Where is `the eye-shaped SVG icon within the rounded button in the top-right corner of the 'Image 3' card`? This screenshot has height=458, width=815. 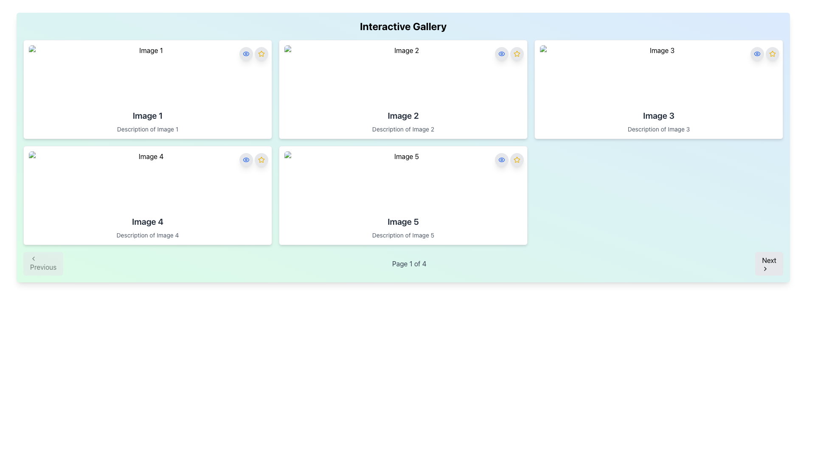 the eye-shaped SVG icon within the rounded button in the top-right corner of the 'Image 3' card is located at coordinates (757, 54).